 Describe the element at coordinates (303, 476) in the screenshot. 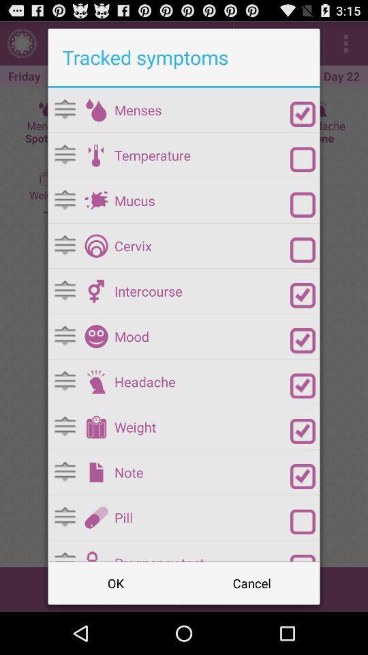

I see `note` at that location.